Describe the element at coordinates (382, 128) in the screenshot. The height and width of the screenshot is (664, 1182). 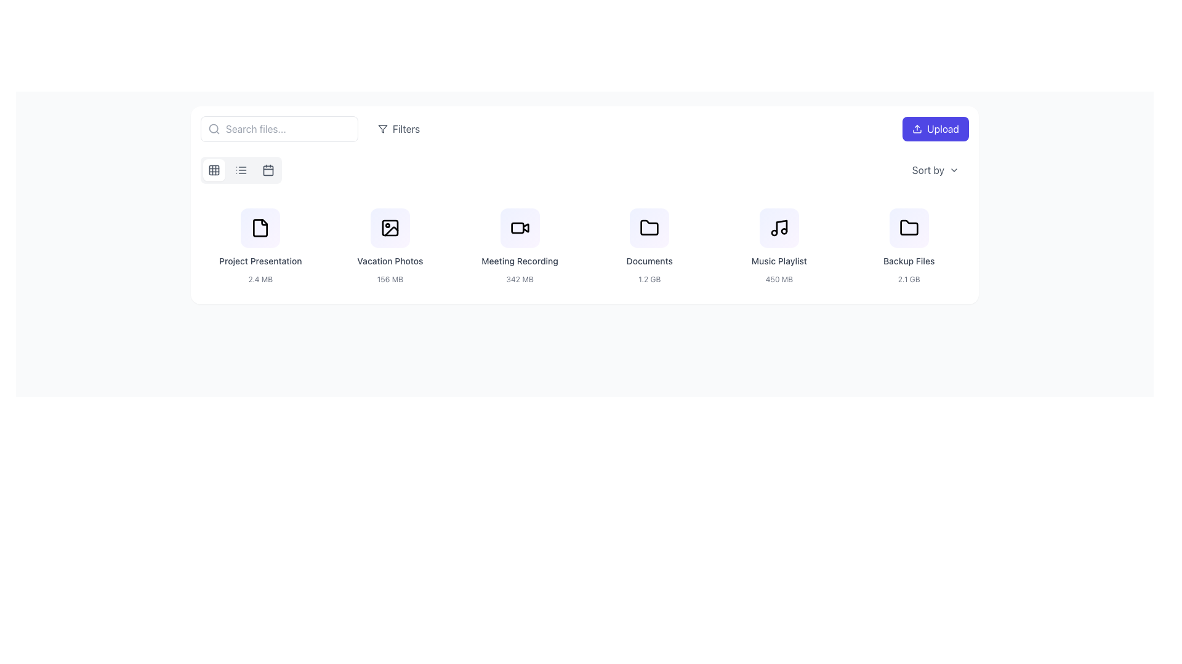
I see `the filter icon located left of the 'Filters' label` at that location.